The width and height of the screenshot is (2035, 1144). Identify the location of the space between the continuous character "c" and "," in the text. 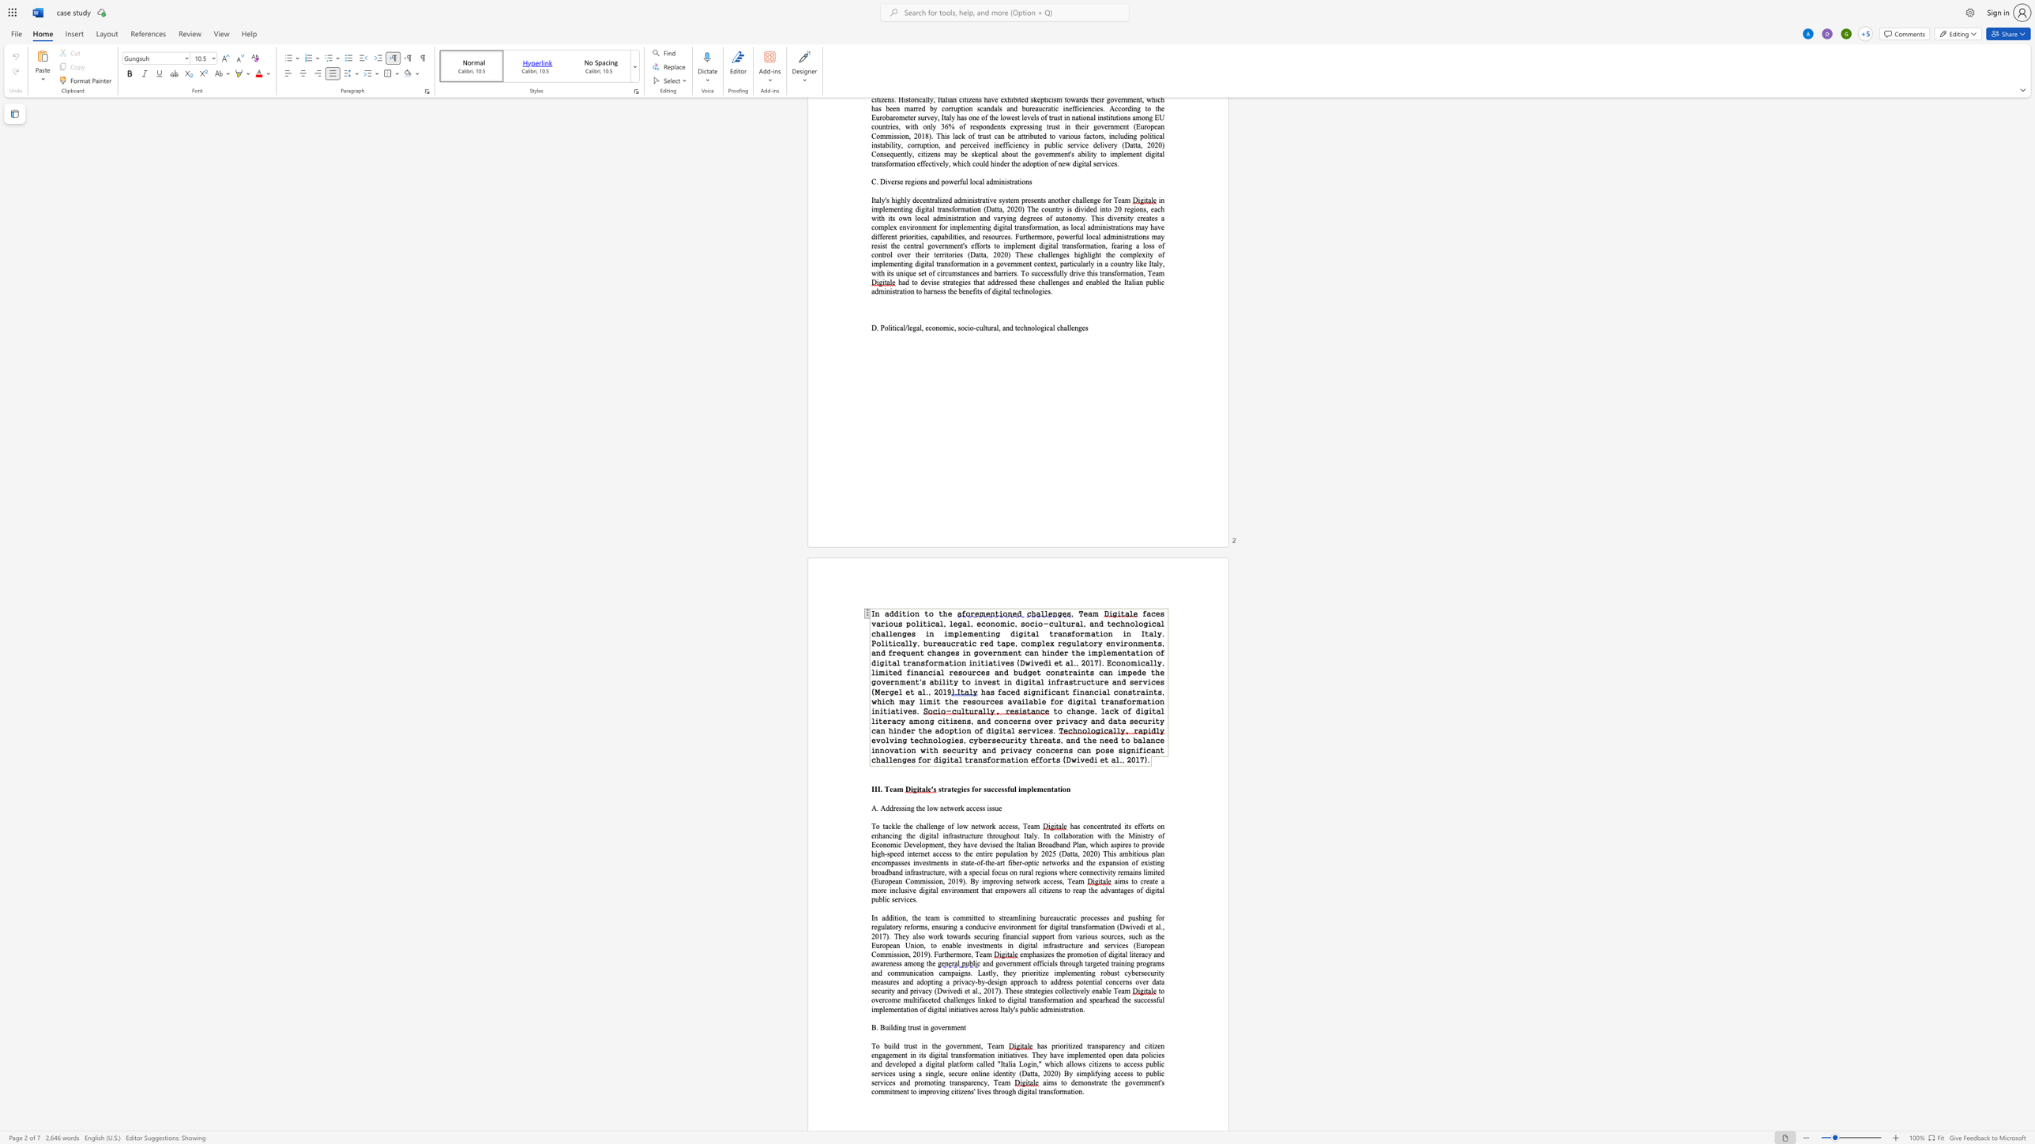
(954, 327).